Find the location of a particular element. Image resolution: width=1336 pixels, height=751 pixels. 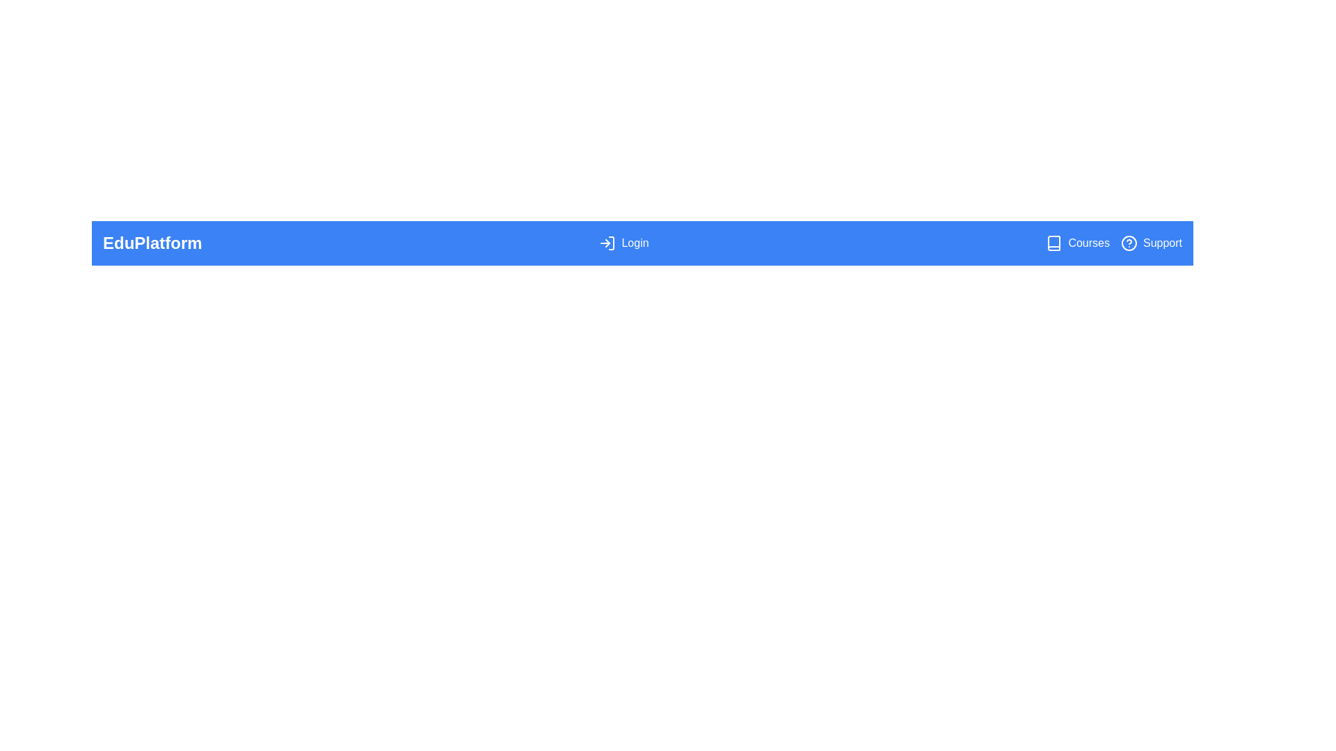

the 'Courses' icon located in the navigation bar, which is positioned directly left of the 'Courses' text and right of the 'Support' option is located at coordinates (1054, 243).